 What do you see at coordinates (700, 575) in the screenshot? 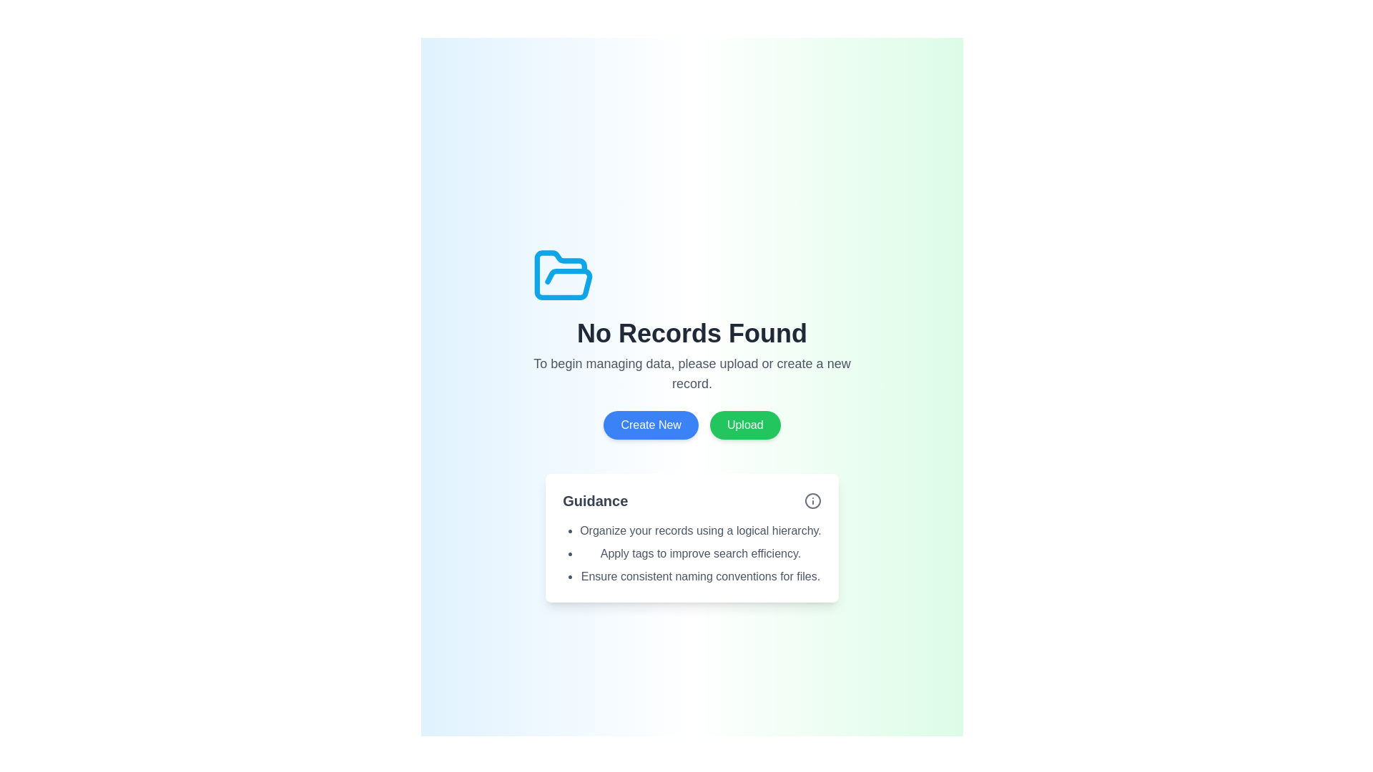
I see `the third bullet point in the guidance list that provides textual instruction for better organizational practices` at bounding box center [700, 575].